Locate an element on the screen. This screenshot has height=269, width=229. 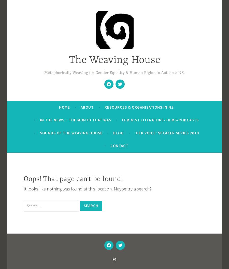
'Contact' is located at coordinates (110, 145).